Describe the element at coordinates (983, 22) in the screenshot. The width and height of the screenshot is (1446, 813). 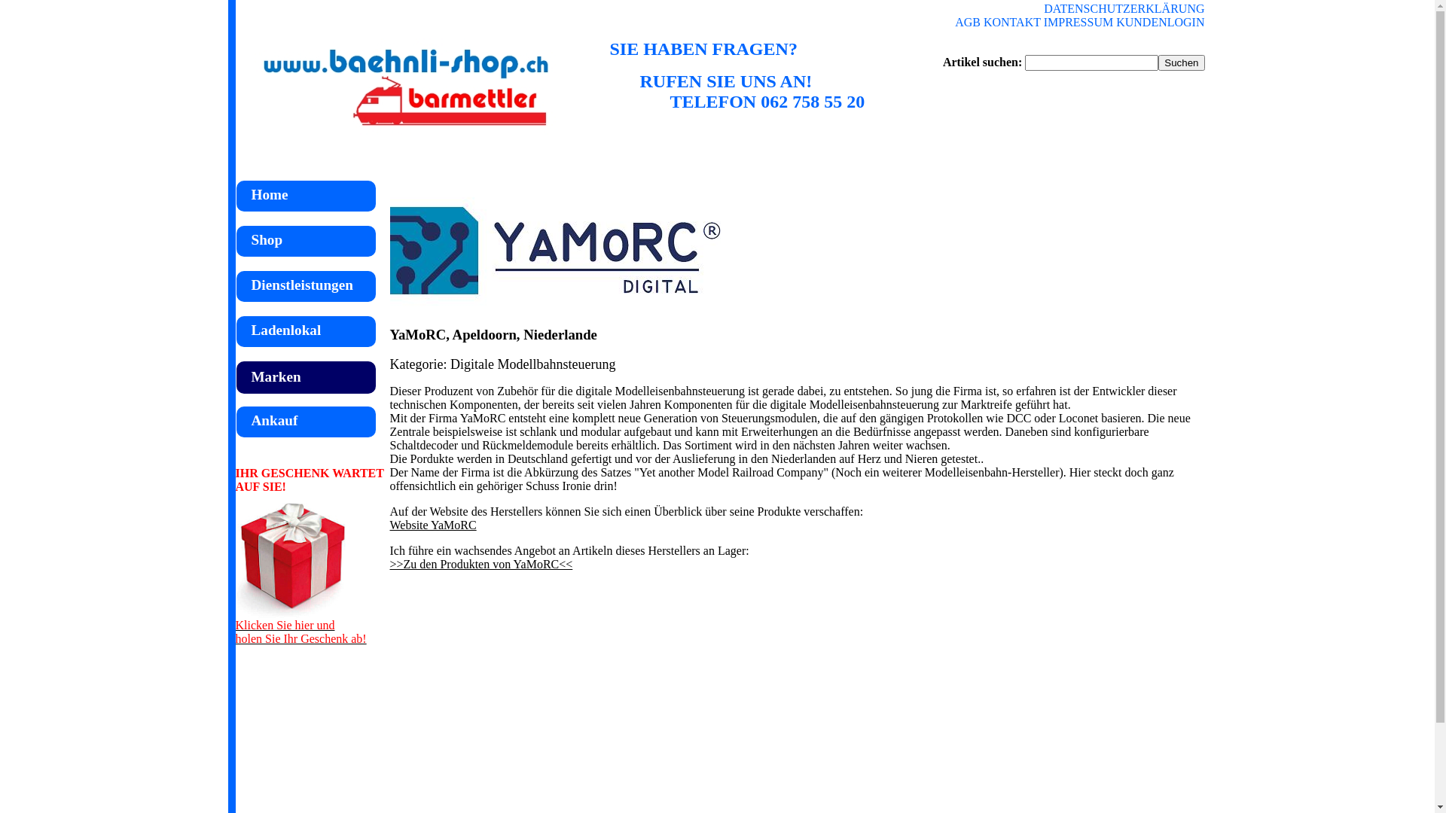
I see `'KONTAKT'` at that location.